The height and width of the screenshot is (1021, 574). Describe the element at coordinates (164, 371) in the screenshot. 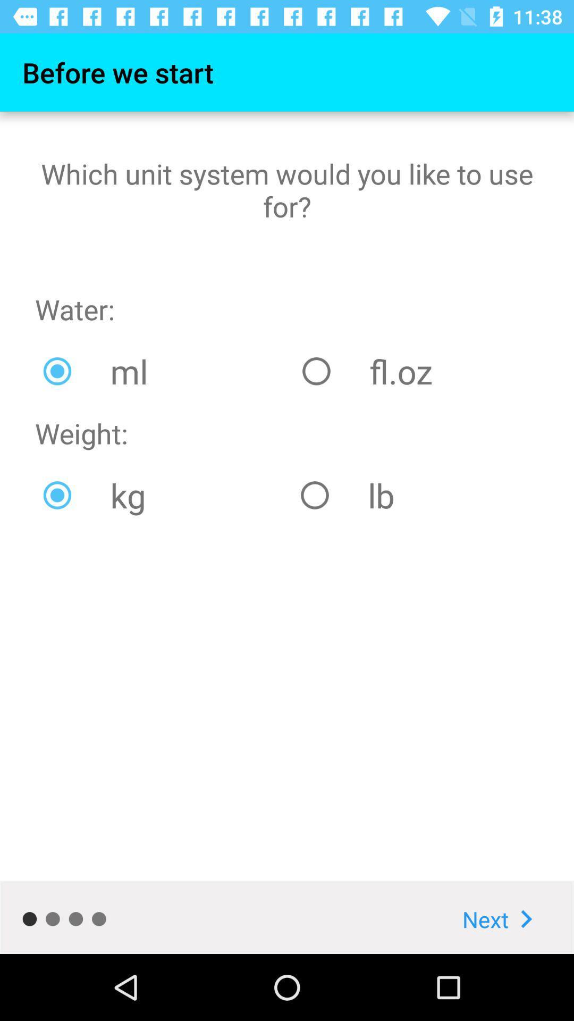

I see `the ml icon` at that location.